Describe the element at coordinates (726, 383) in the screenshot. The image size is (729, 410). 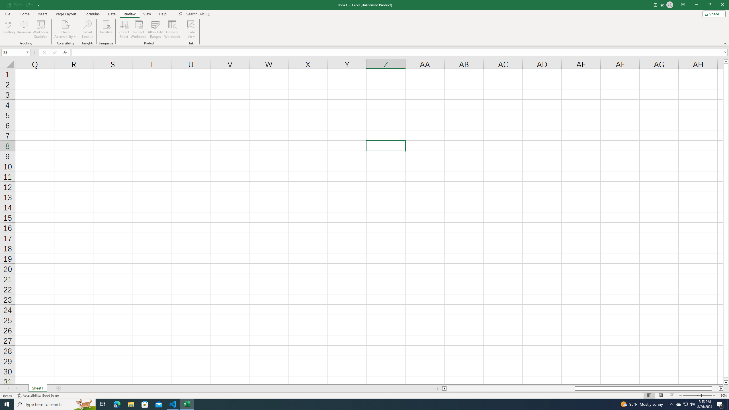
I see `'Line down'` at that location.